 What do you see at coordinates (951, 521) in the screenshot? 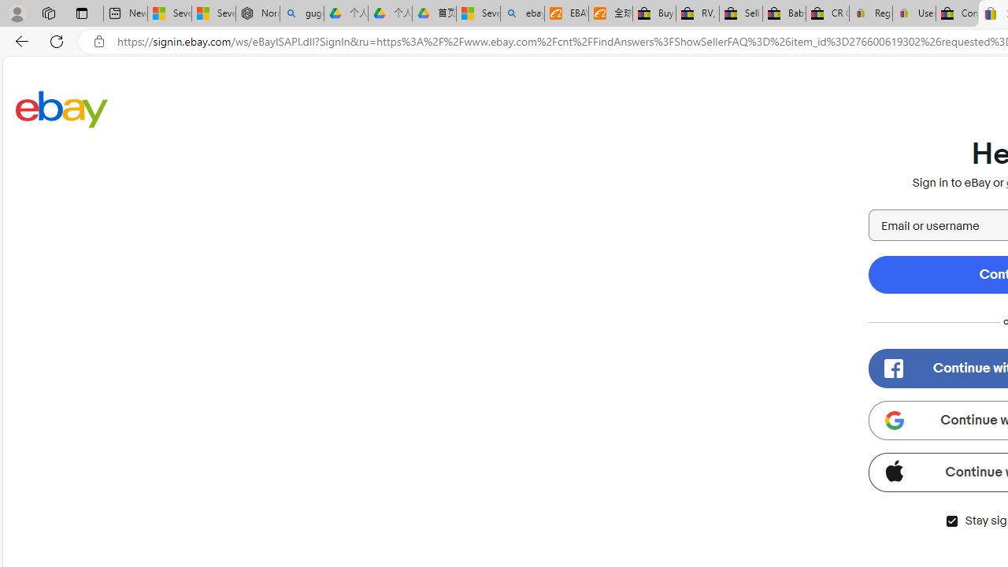
I see `'Stay signed in'` at bounding box center [951, 521].